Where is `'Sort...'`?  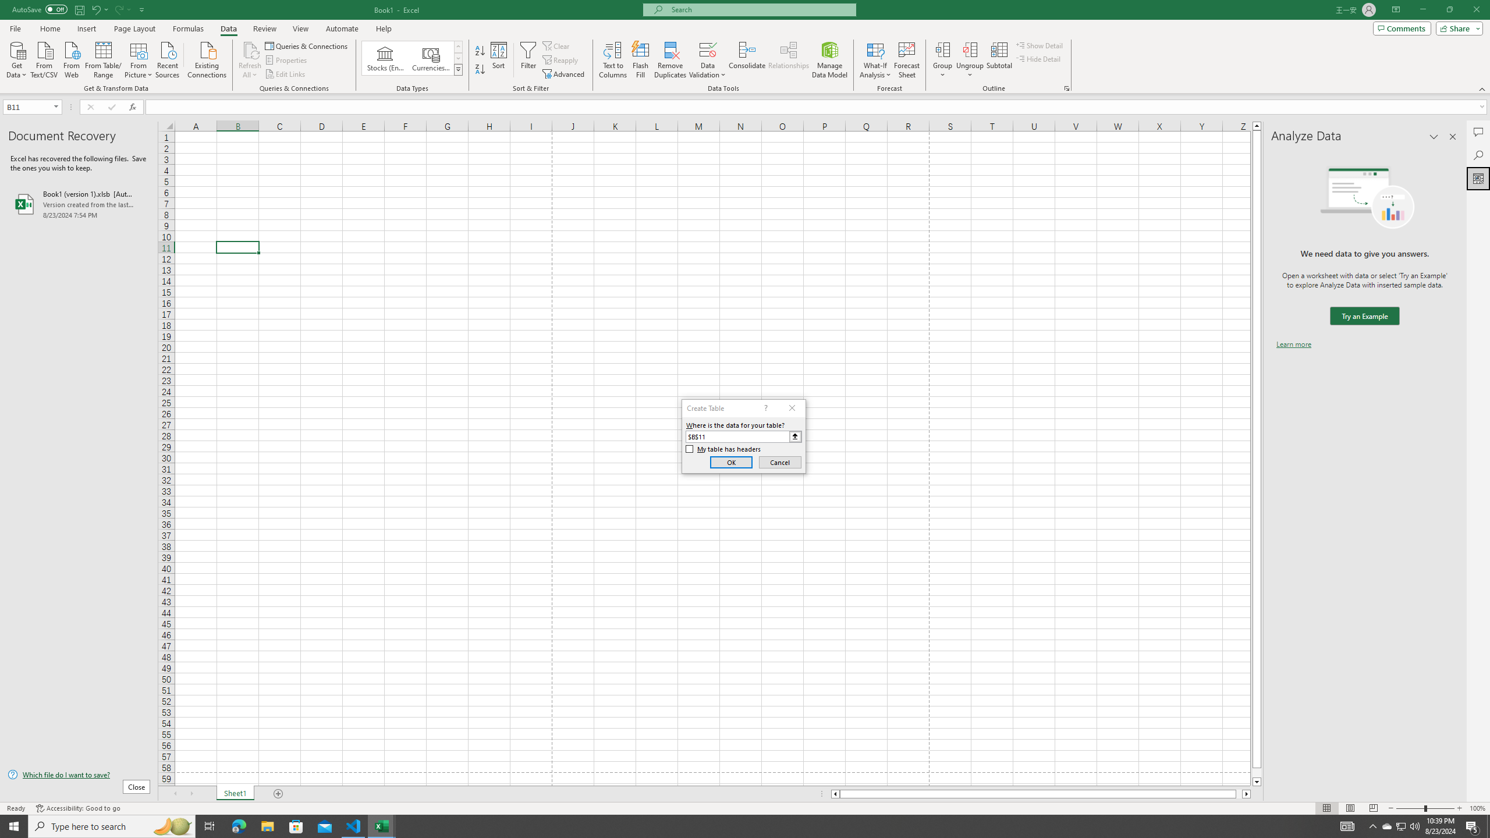
'Sort...' is located at coordinates (498, 60).